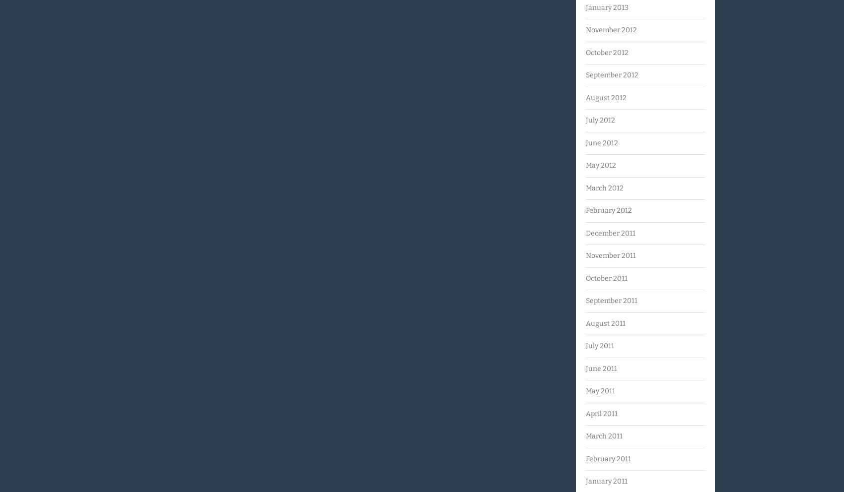 This screenshot has width=844, height=492. I want to click on 'May 2012', so click(585, 165).